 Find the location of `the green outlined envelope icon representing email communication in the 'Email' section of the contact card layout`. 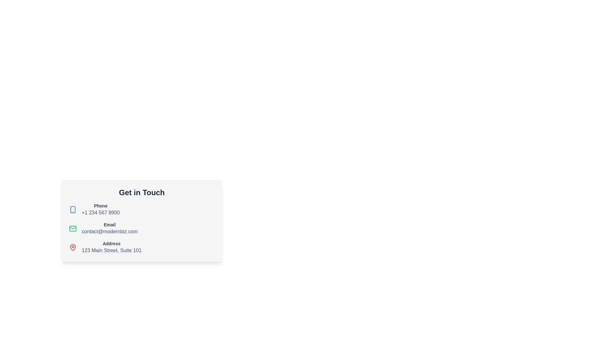

the green outlined envelope icon representing email communication in the 'Email' section of the contact card layout is located at coordinates (73, 228).